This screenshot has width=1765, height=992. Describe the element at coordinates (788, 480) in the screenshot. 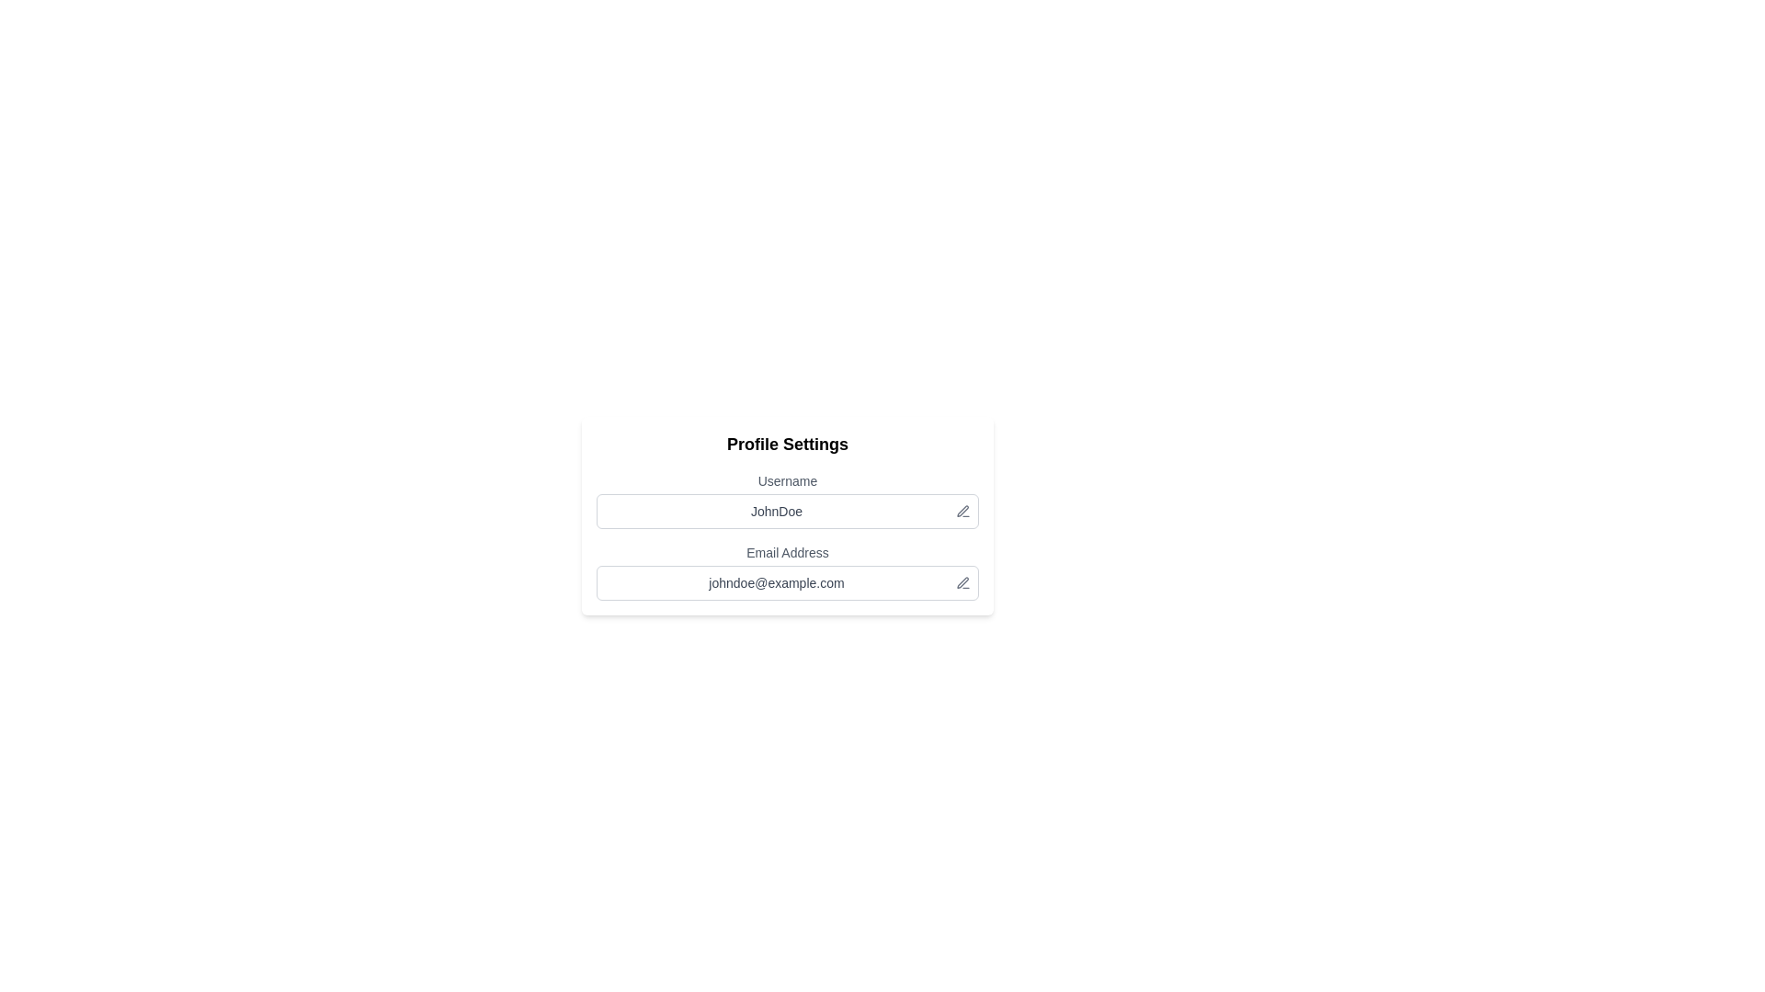

I see `the 'Username' label element, which displays the text in small gray font above the 'JohnDoe' username in the profile information card` at that location.